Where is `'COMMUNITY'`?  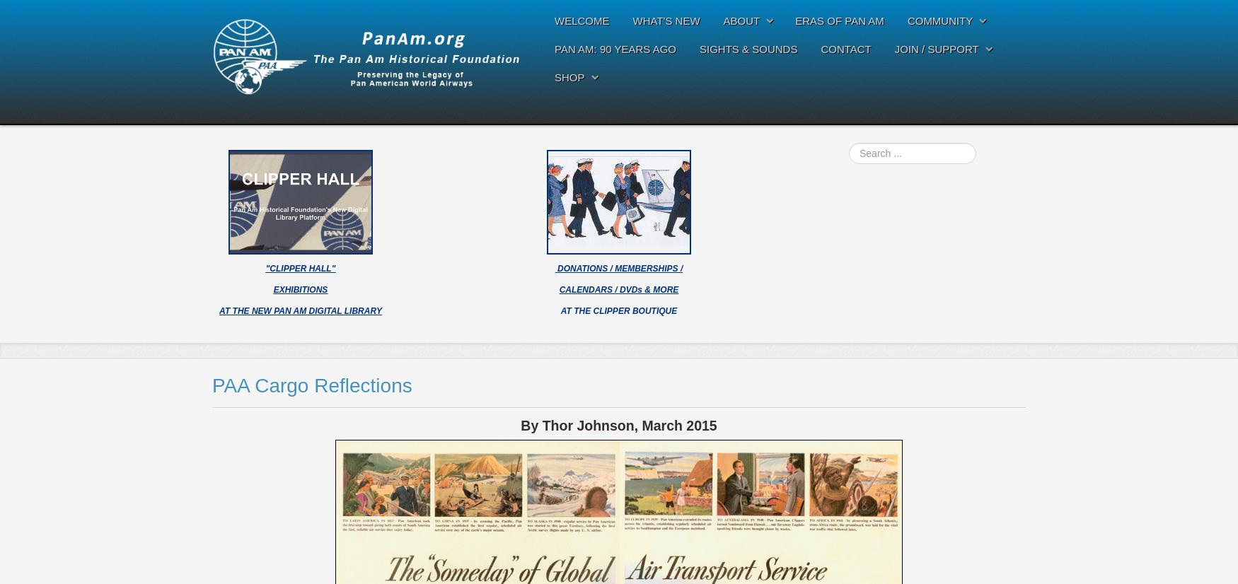 'COMMUNITY' is located at coordinates (939, 21).